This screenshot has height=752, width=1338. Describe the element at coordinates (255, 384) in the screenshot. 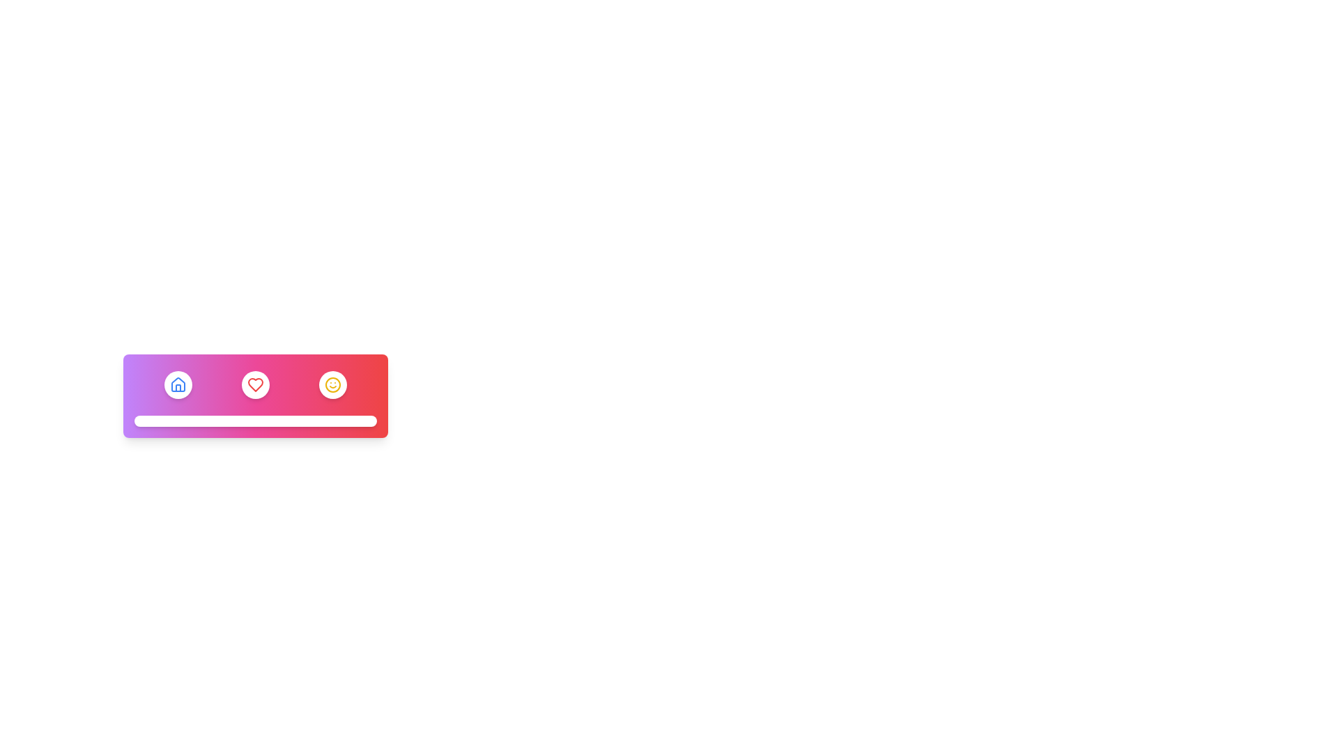

I see `the heart icon located at the center of the top-right button of the navigation bar` at that location.